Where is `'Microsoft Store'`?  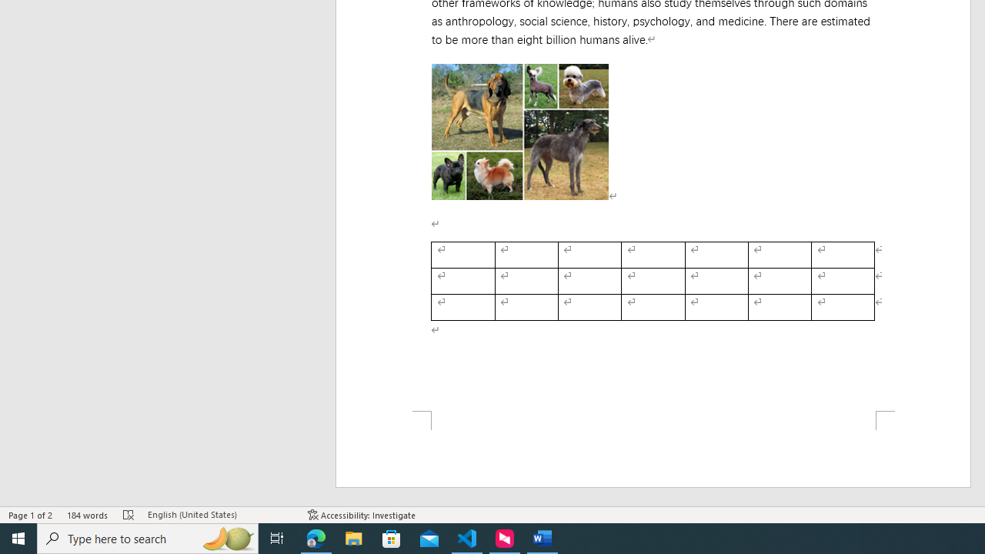
'Microsoft Store' is located at coordinates (392, 537).